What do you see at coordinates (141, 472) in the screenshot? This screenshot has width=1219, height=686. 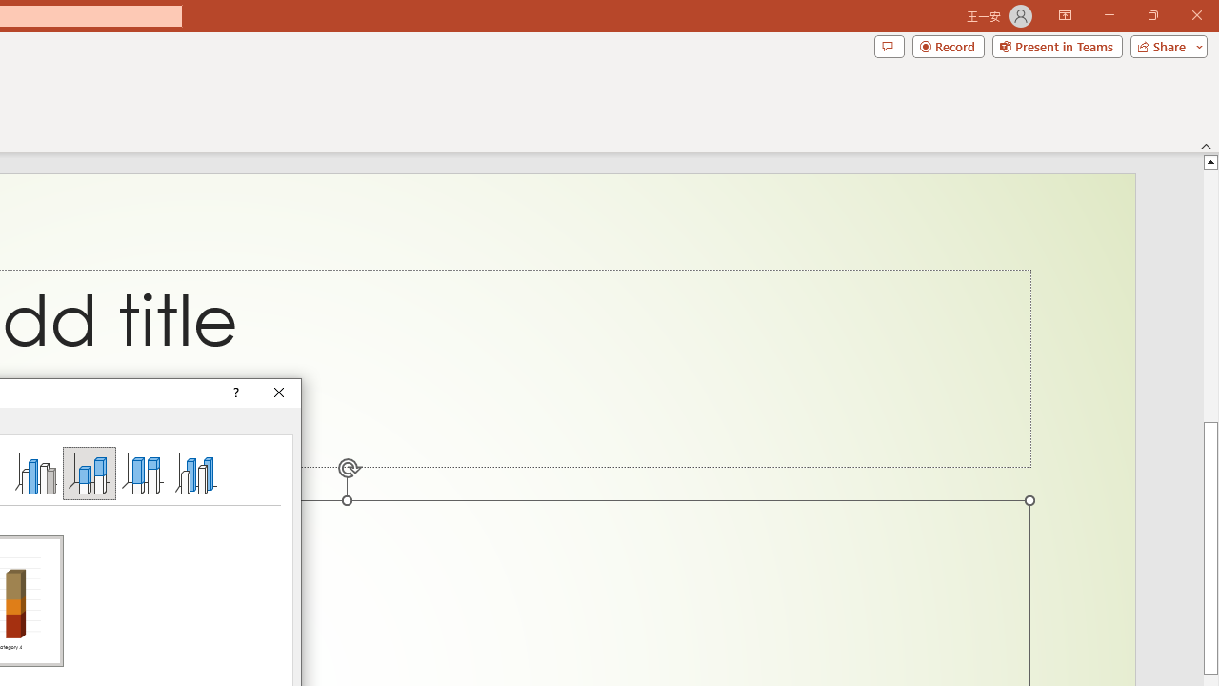 I see `'3-D 100% Stacked Column'` at bounding box center [141, 472].